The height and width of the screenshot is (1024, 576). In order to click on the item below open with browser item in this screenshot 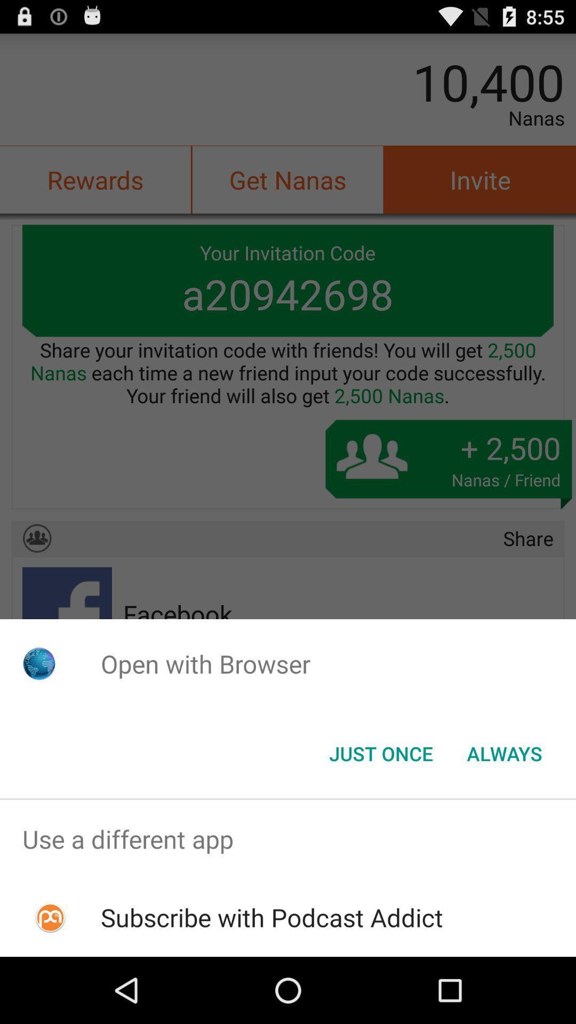, I will do `click(380, 753)`.